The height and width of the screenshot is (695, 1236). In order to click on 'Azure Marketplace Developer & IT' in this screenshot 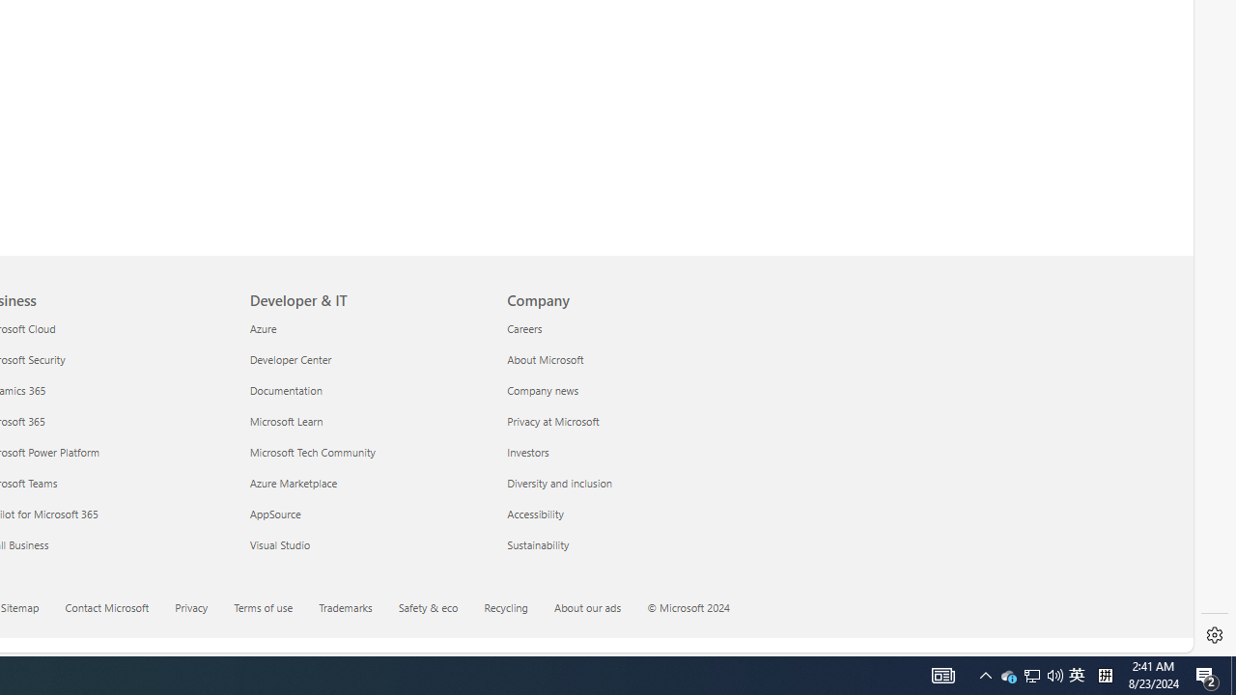, I will do `click(293, 482)`.